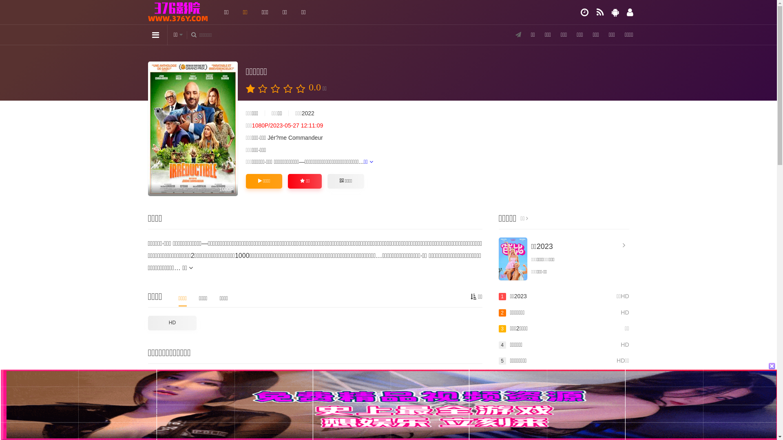 The image size is (783, 440). What do you see at coordinates (192, 128) in the screenshot?
I see `'1080P'` at bounding box center [192, 128].